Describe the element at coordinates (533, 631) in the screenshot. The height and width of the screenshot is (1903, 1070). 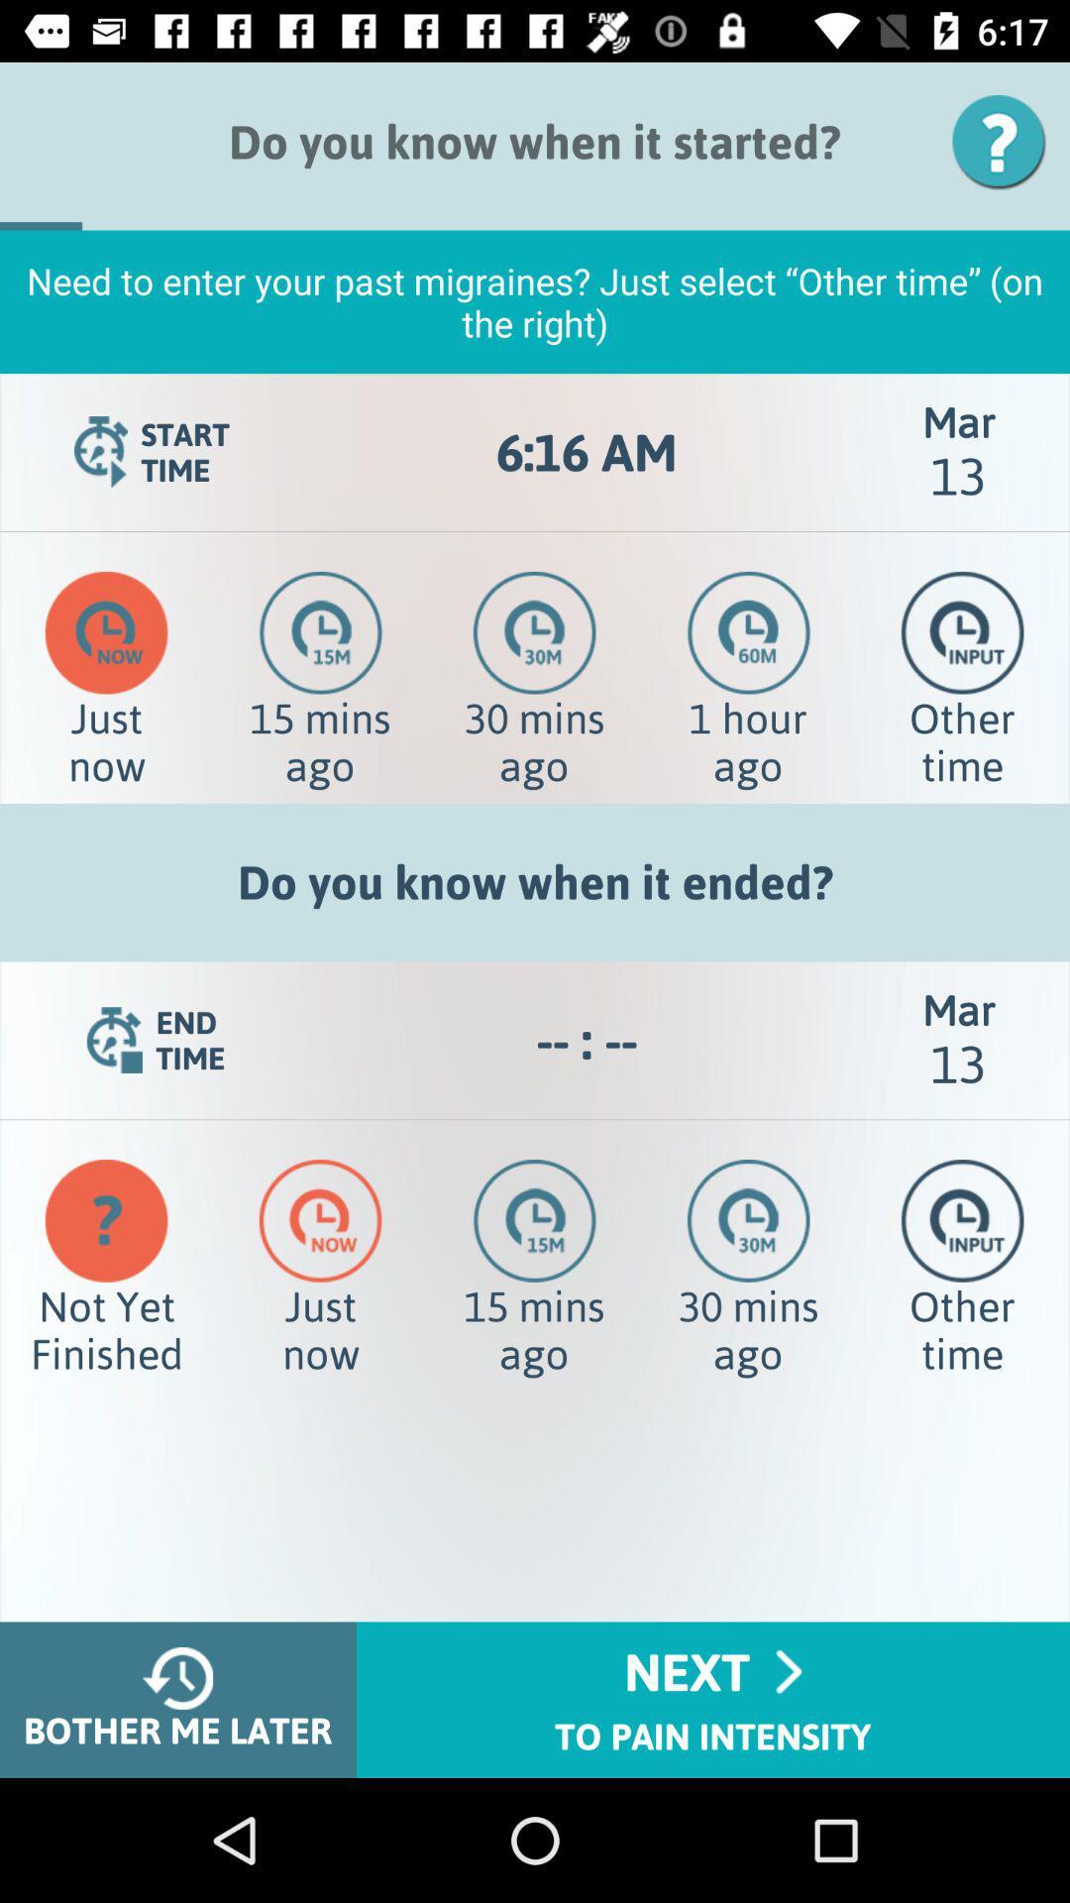
I see `the time icon` at that location.